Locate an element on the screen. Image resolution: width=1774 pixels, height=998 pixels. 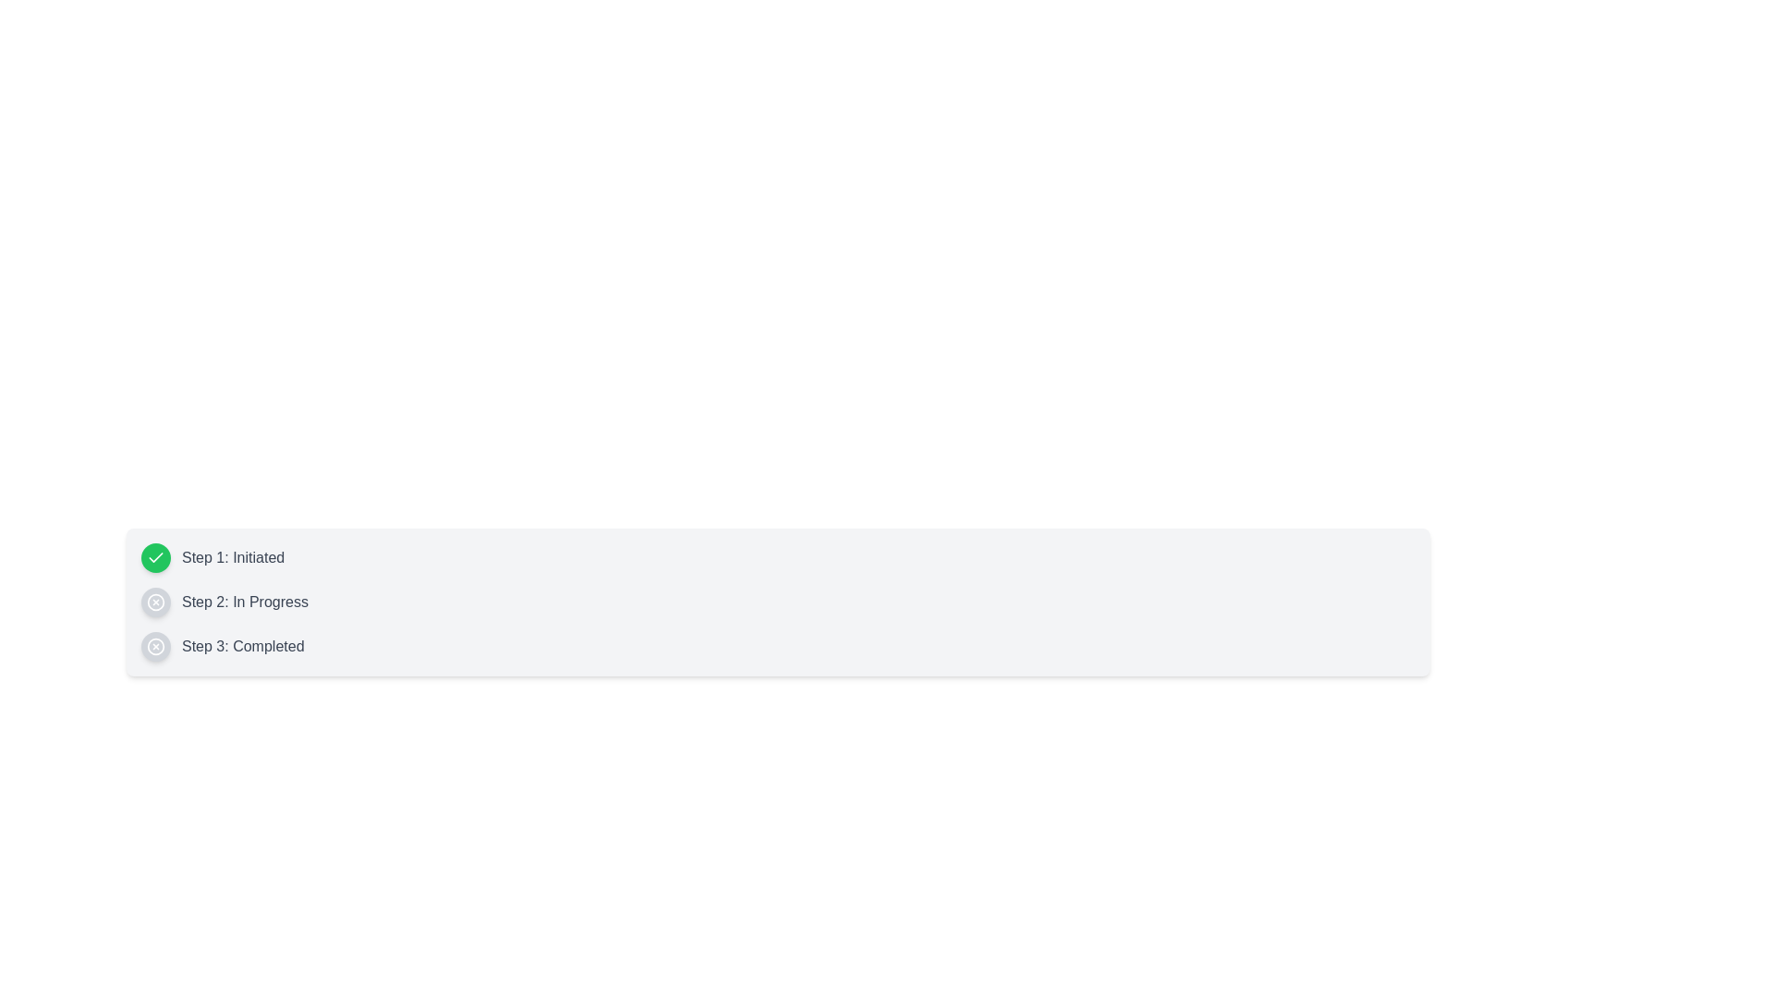
the rounded green button with a white checkmark icon, positioned to the left of the text 'Step 1: Initiated' is located at coordinates (155, 557).